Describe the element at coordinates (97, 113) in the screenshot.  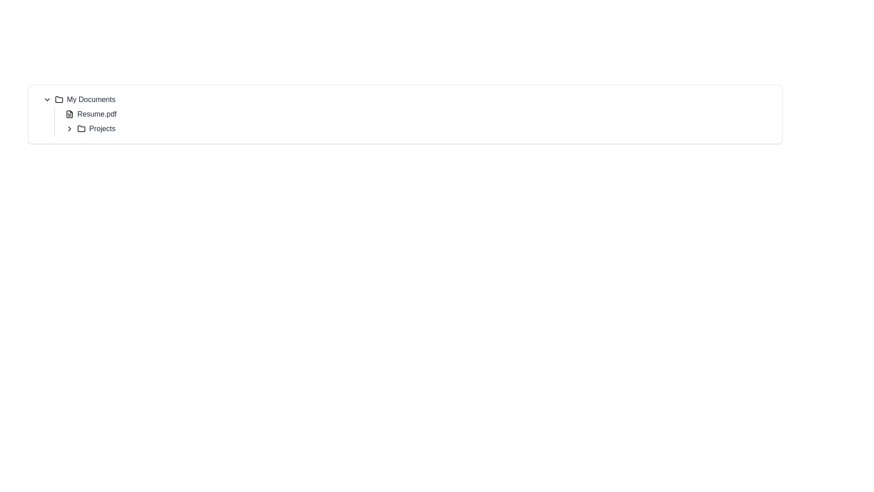
I see `the text label displaying 'Resume.pdf'` at that location.